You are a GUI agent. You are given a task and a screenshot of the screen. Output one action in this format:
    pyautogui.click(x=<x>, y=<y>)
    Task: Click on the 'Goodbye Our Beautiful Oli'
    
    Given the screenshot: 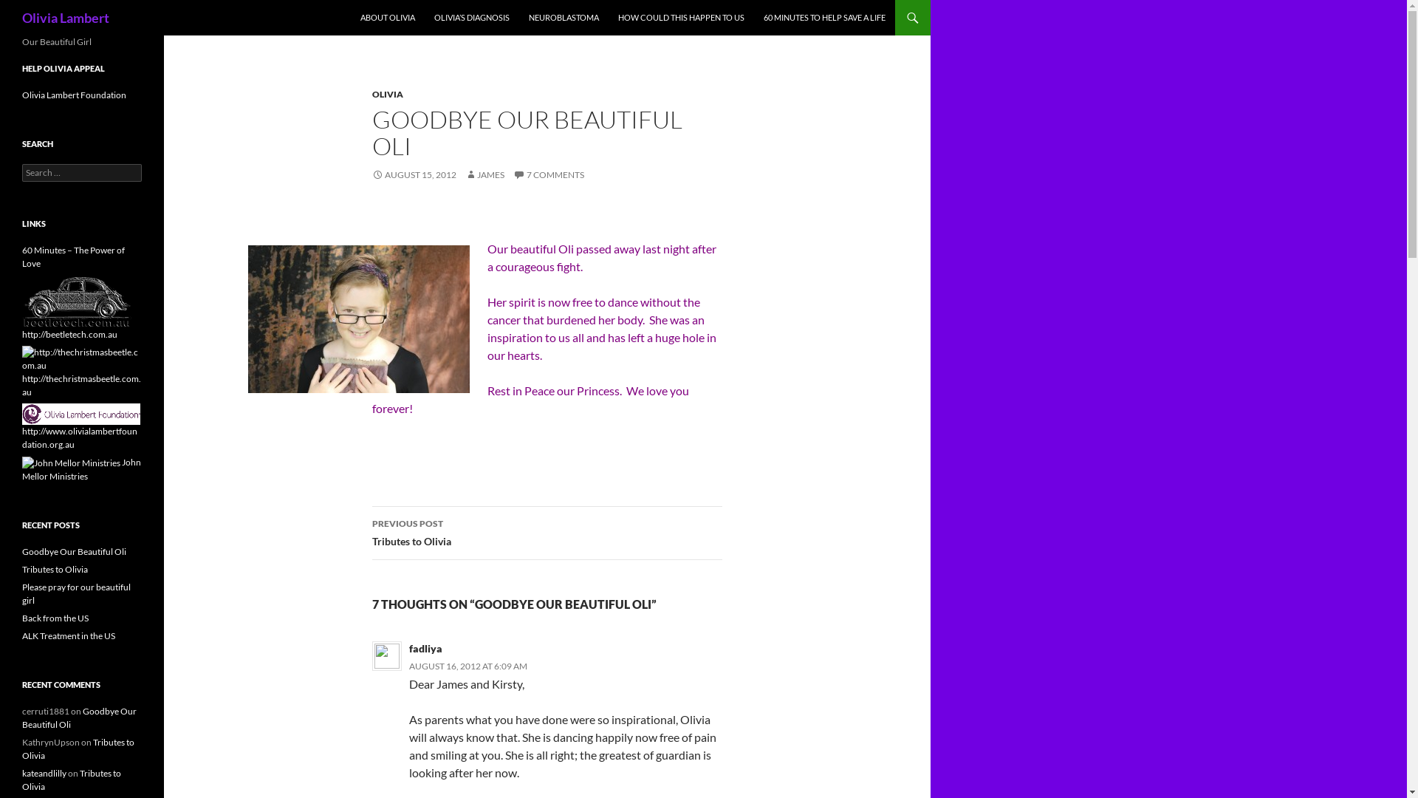 What is the action you would take?
    pyautogui.click(x=73, y=551)
    